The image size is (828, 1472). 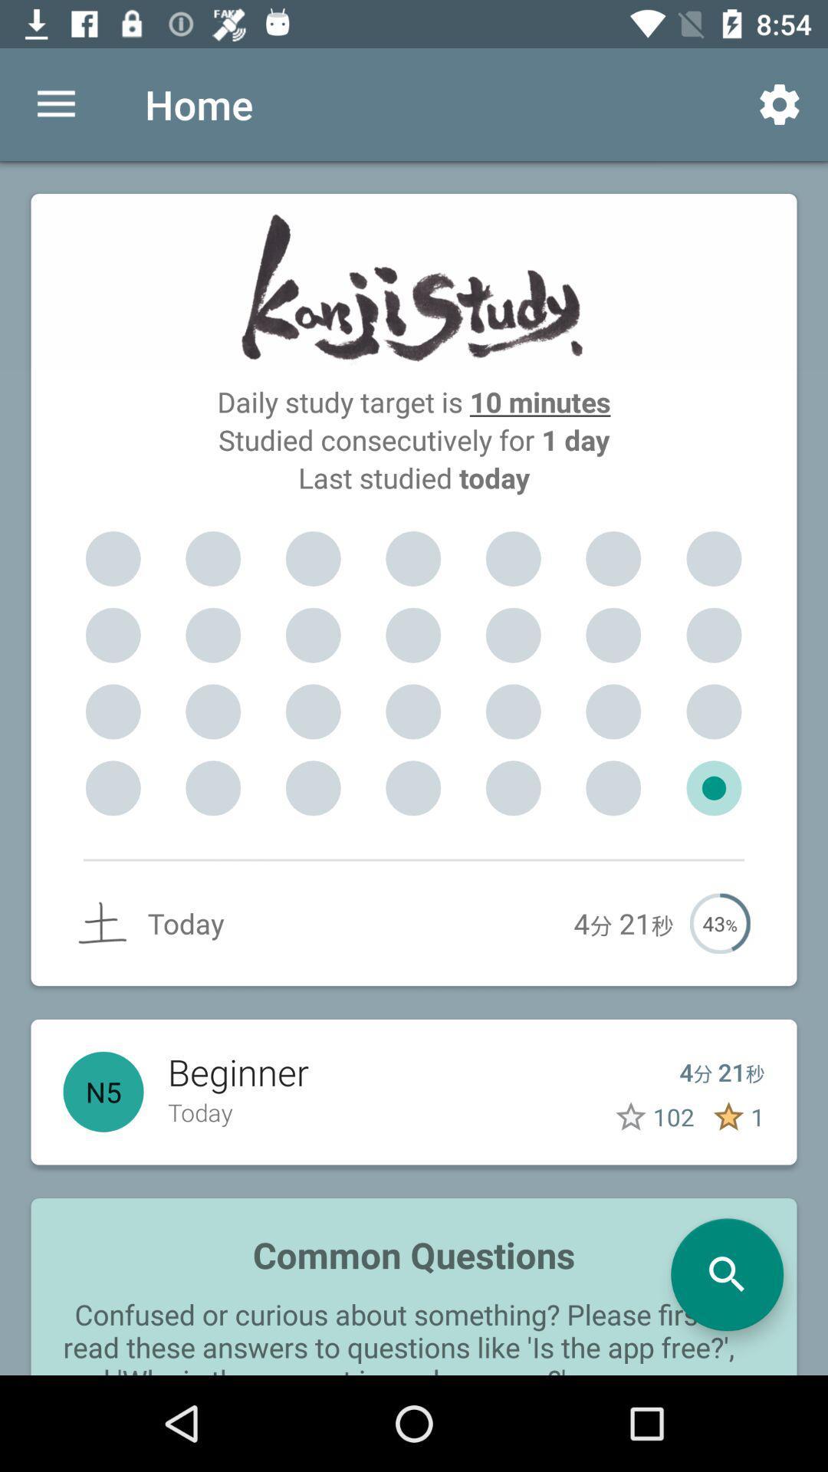 What do you see at coordinates (726, 1274) in the screenshot?
I see `start a search` at bounding box center [726, 1274].